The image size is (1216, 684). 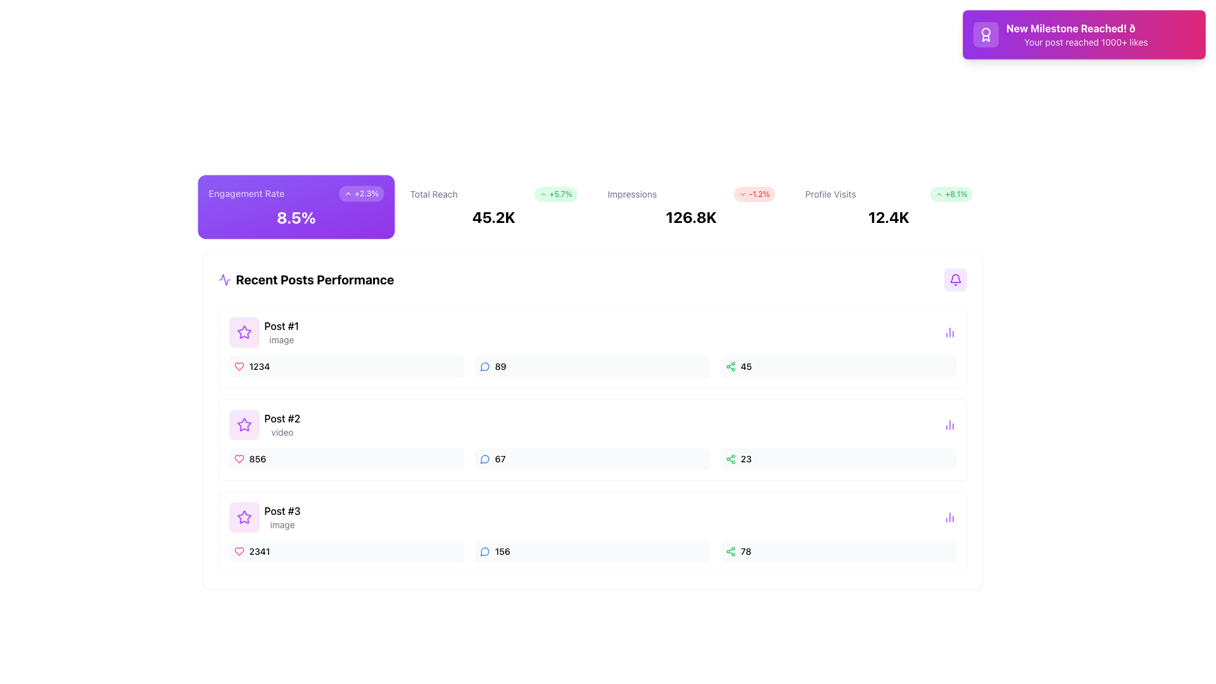 I want to click on the engagement rate component labeled 'Engagement Rate' with the value '+2.3%' located in the top left segment of the interface within a purple gradient card, so click(x=295, y=193).